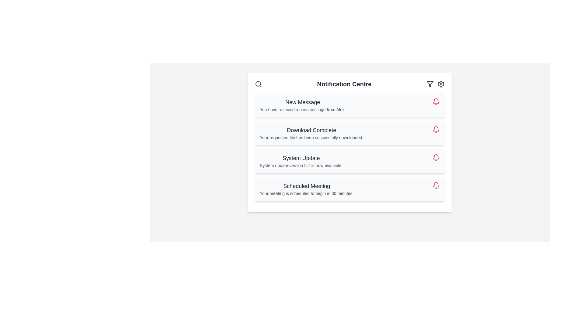 The width and height of the screenshot is (584, 328). Describe the element at coordinates (350, 84) in the screenshot. I see `the Label or Header element that serves as the title for the notification center, positioned centrally between the search icon and the filter/settings icons` at that location.